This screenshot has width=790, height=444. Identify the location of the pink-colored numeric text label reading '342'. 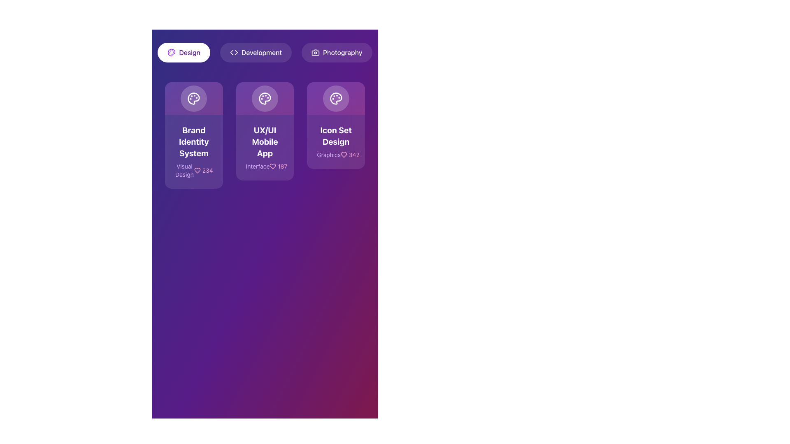
(354, 155).